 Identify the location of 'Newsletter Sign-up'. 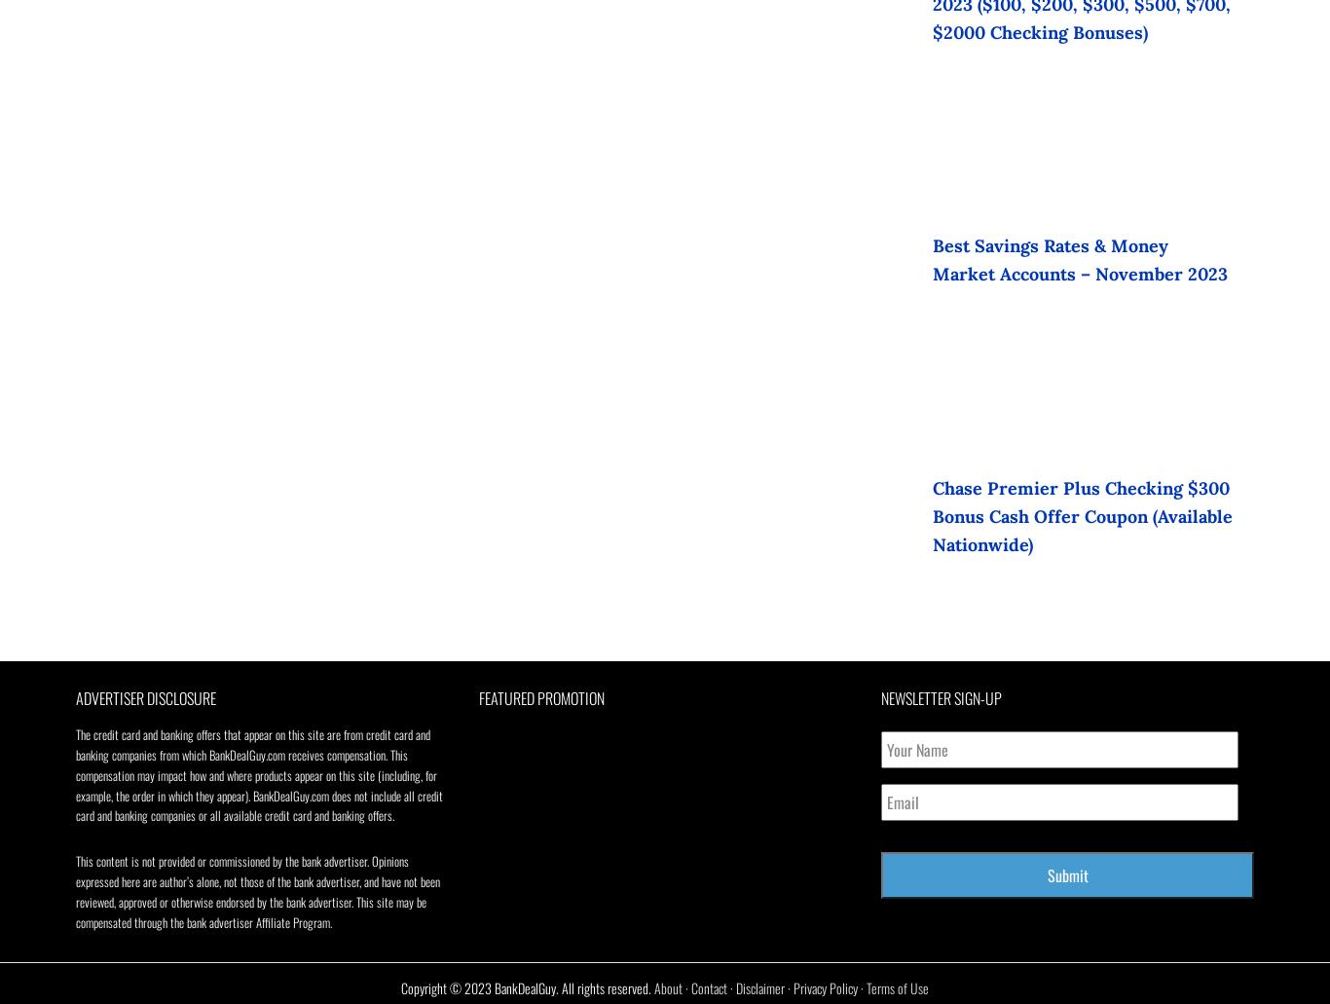
(941, 697).